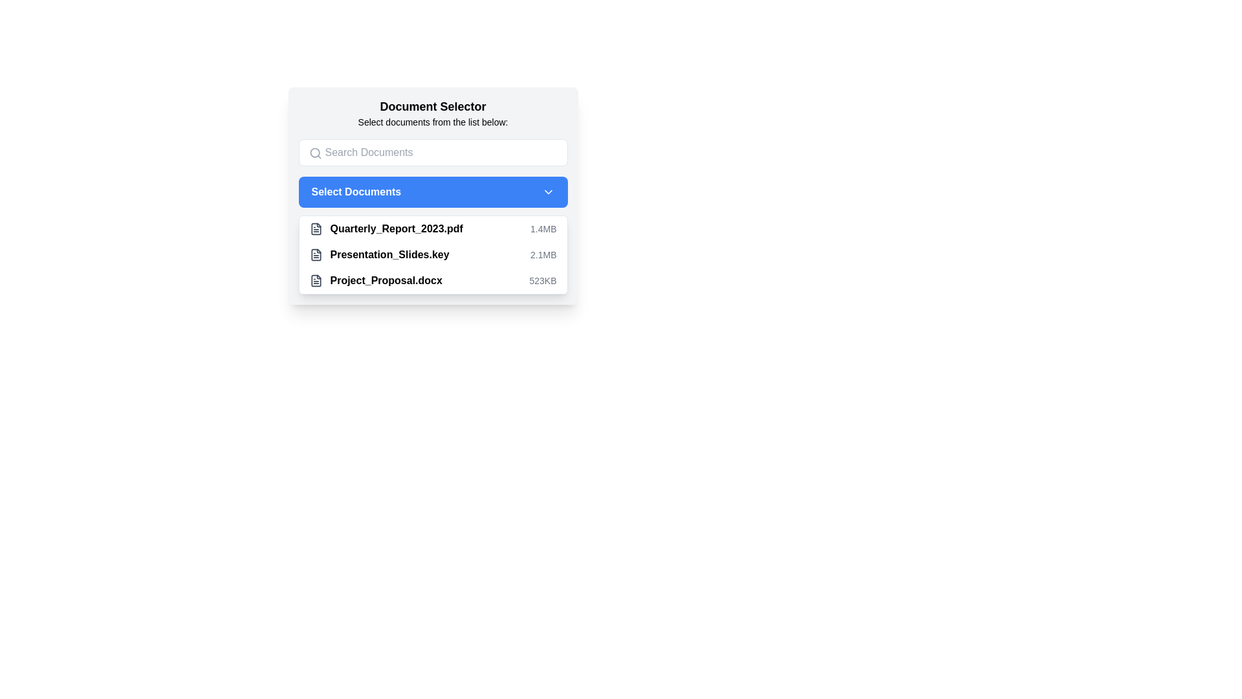 Image resolution: width=1242 pixels, height=699 pixels. I want to click on the decorative document icon representing 'Project_Proposal.docx' in the 'Document Selector' dialog, so click(316, 280).